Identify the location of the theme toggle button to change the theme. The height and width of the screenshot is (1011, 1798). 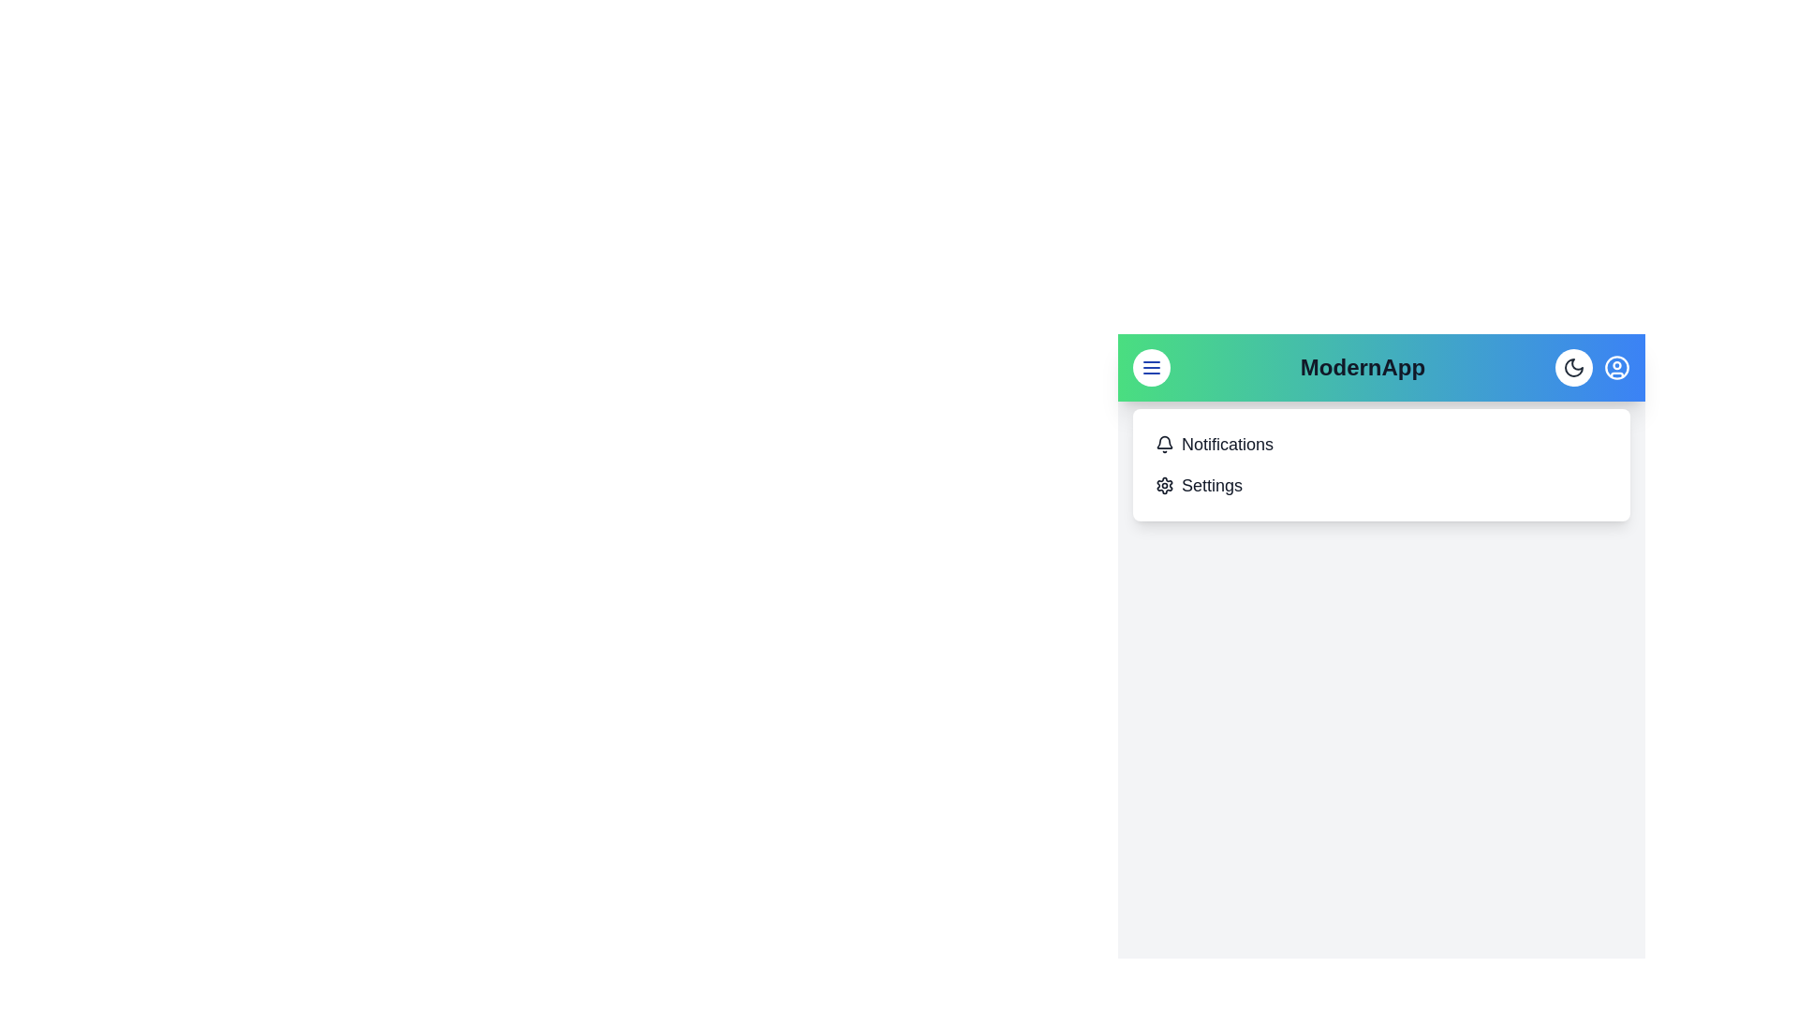
(1573, 368).